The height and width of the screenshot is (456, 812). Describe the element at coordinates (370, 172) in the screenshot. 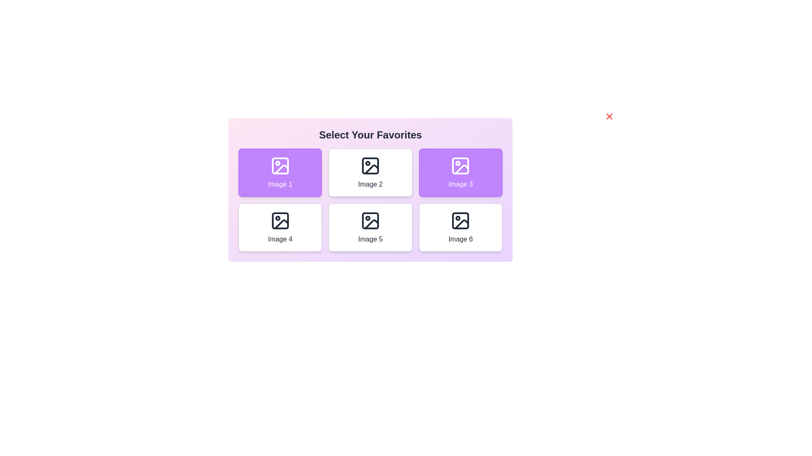

I see `the image labeled Image 2 to toggle its selection state` at that location.